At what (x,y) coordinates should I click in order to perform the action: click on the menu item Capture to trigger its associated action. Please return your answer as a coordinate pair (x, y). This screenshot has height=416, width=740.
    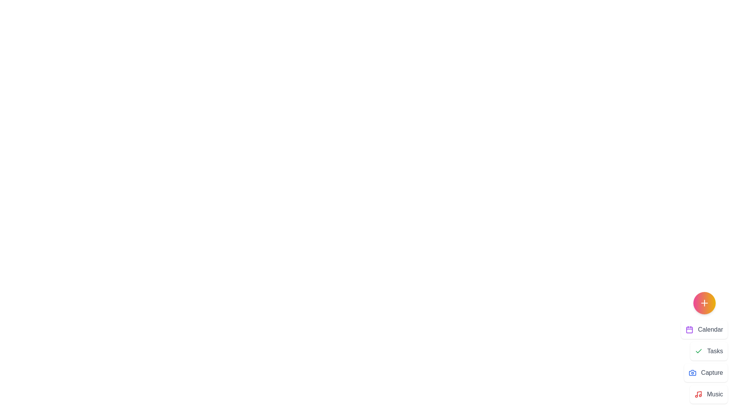
    Looking at the image, I should click on (706, 372).